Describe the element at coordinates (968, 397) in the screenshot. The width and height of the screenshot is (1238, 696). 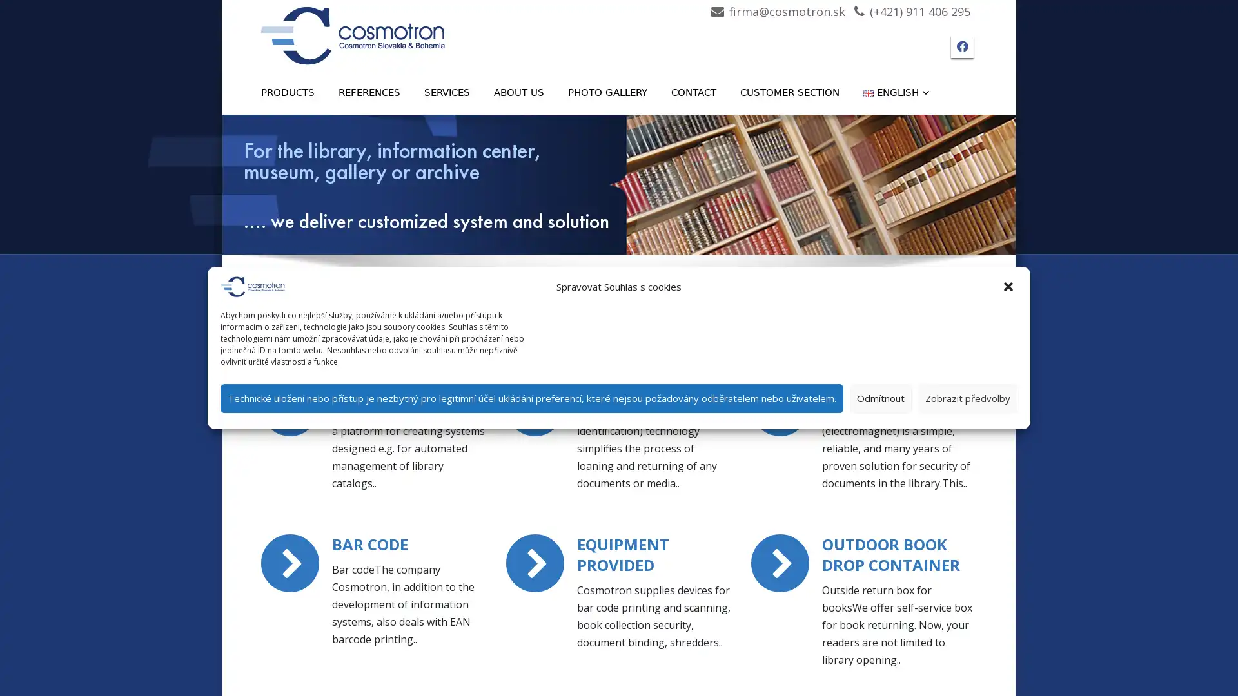
I see `Zobrazit predvolby` at that location.